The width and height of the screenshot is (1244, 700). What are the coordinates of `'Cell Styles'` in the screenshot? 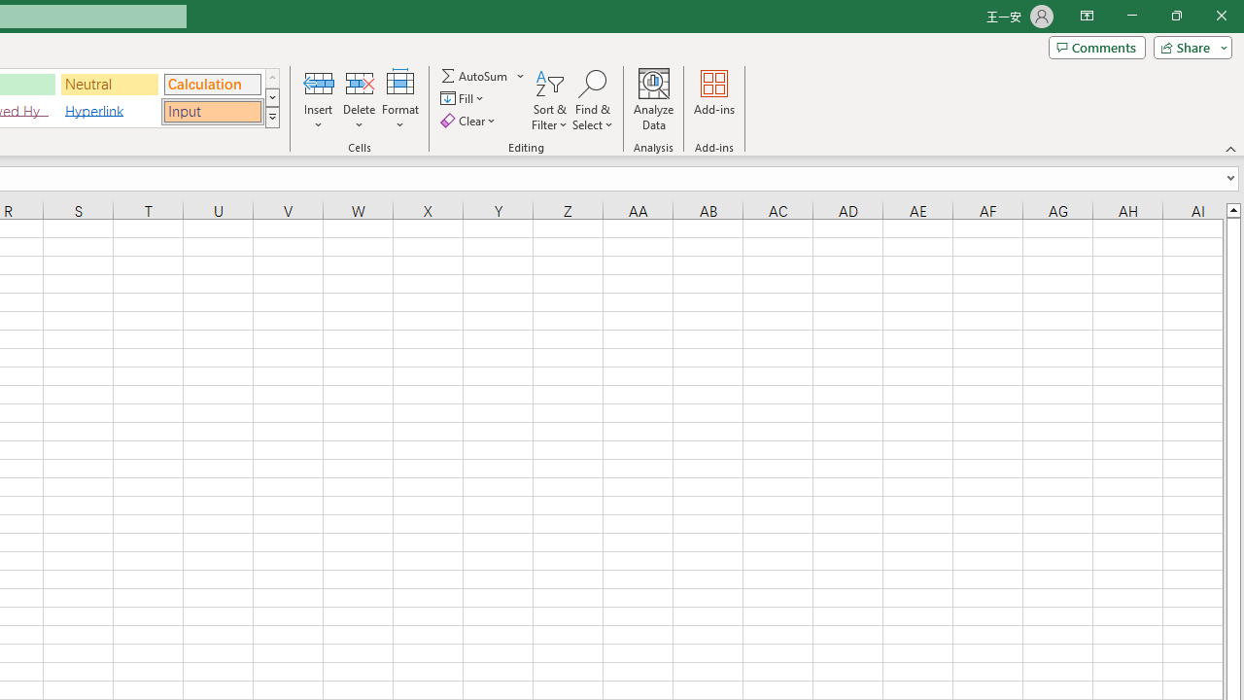 It's located at (271, 117).